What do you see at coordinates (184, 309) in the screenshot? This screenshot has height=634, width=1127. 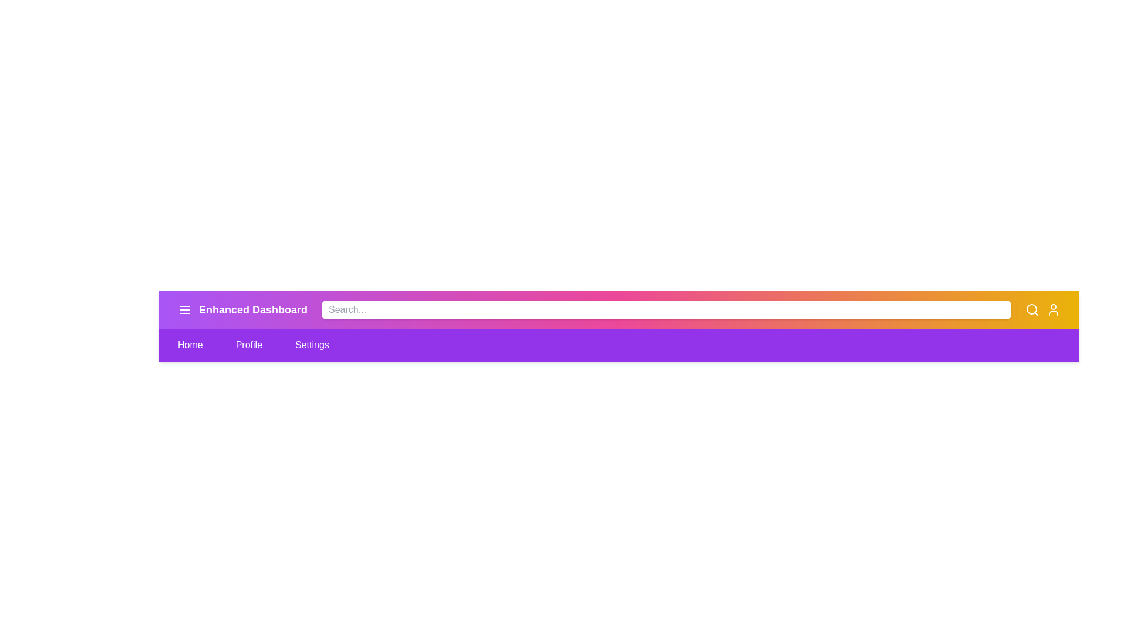 I see `the menu icon to expand the menu` at bounding box center [184, 309].